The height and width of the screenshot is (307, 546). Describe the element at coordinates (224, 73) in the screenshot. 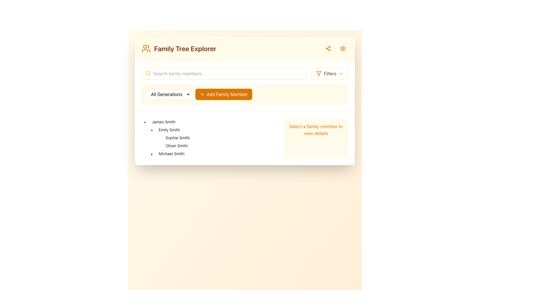

I see `the main search bar located in the top section of the interface, to the left of the 'Filters' button, to focus on it` at that location.